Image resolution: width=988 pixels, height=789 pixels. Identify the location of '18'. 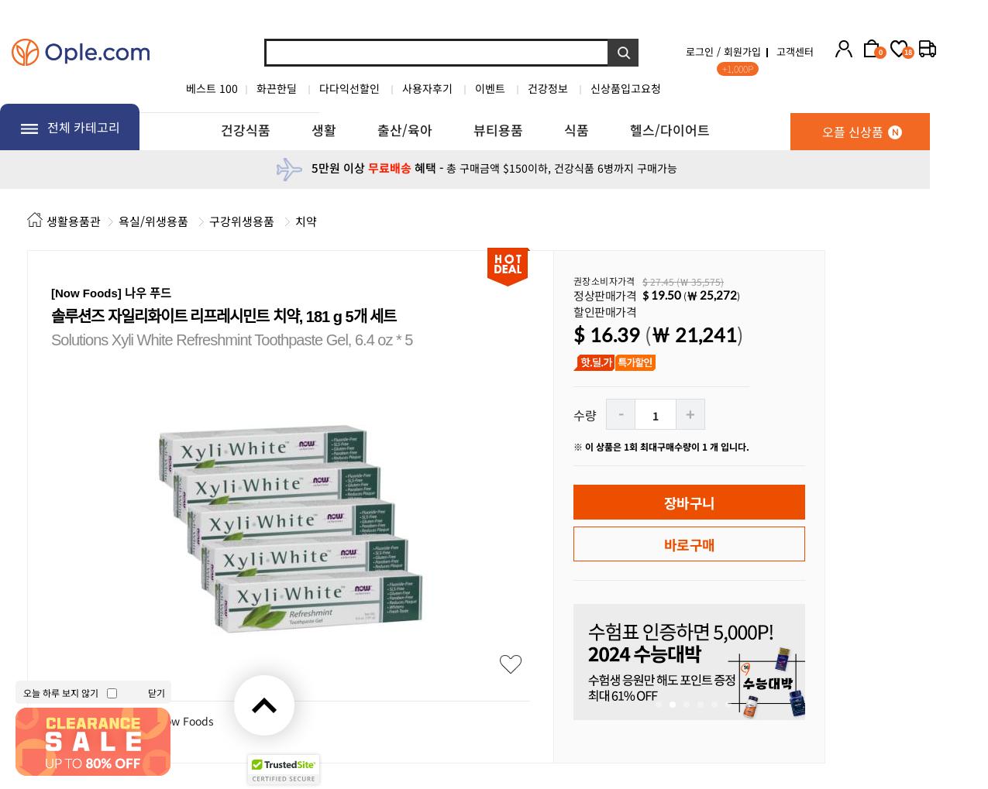
(907, 51).